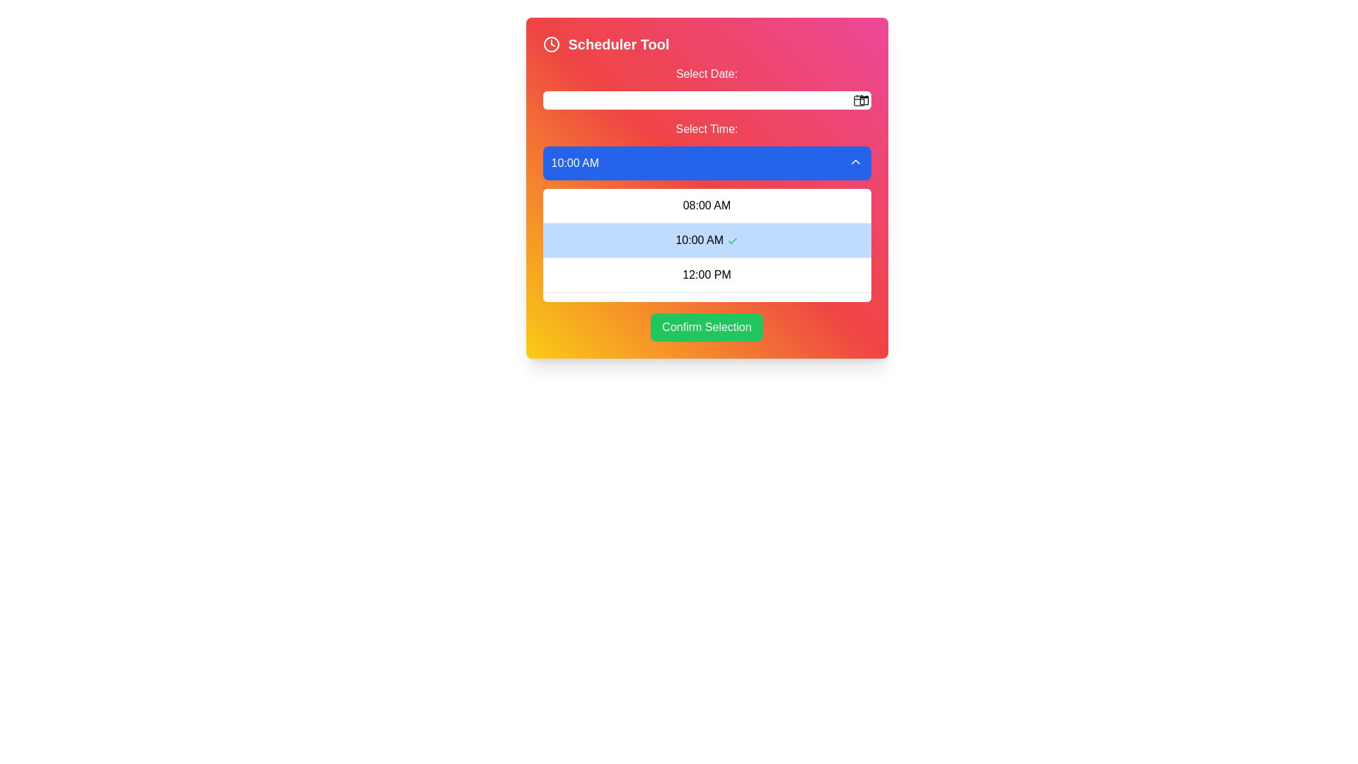 This screenshot has width=1358, height=764. Describe the element at coordinates (707, 212) in the screenshot. I see `to select the first time slot in the dropdown menu under the 'Select Time' section` at that location.